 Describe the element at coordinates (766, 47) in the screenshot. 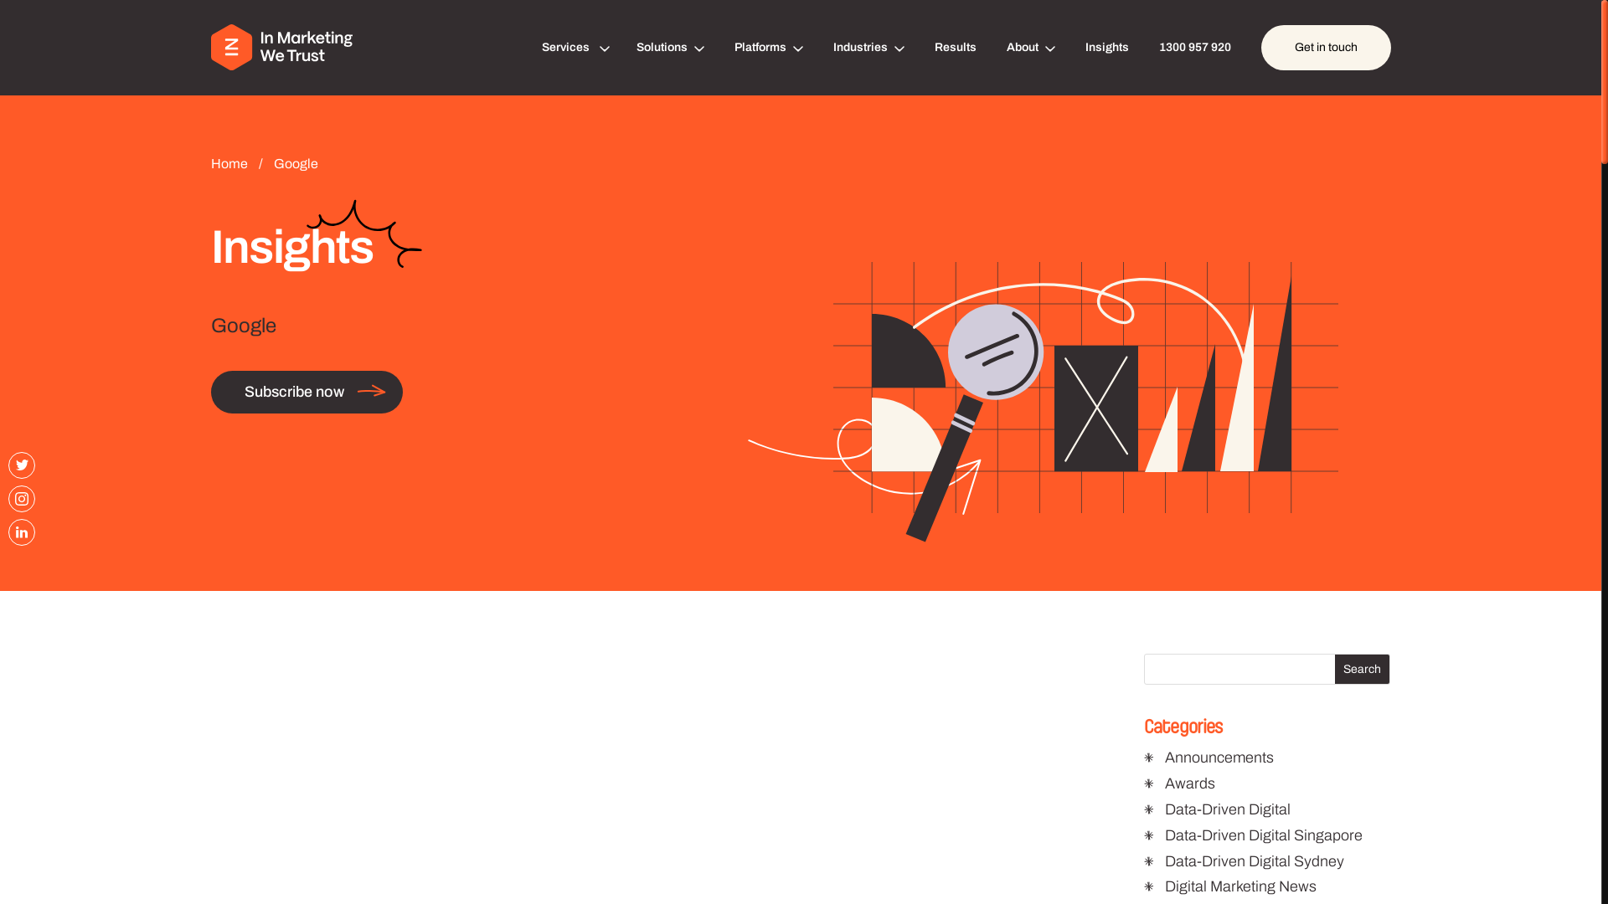

I see `'Platforms'` at that location.